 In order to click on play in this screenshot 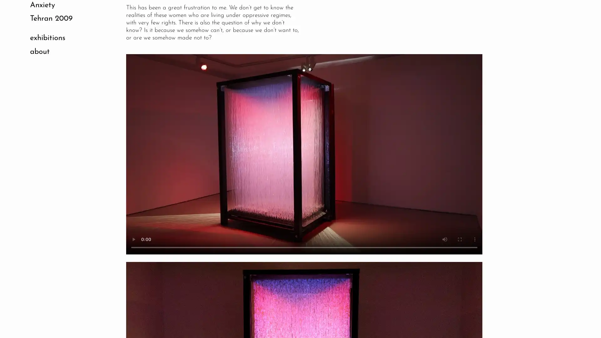, I will do `click(133, 239)`.